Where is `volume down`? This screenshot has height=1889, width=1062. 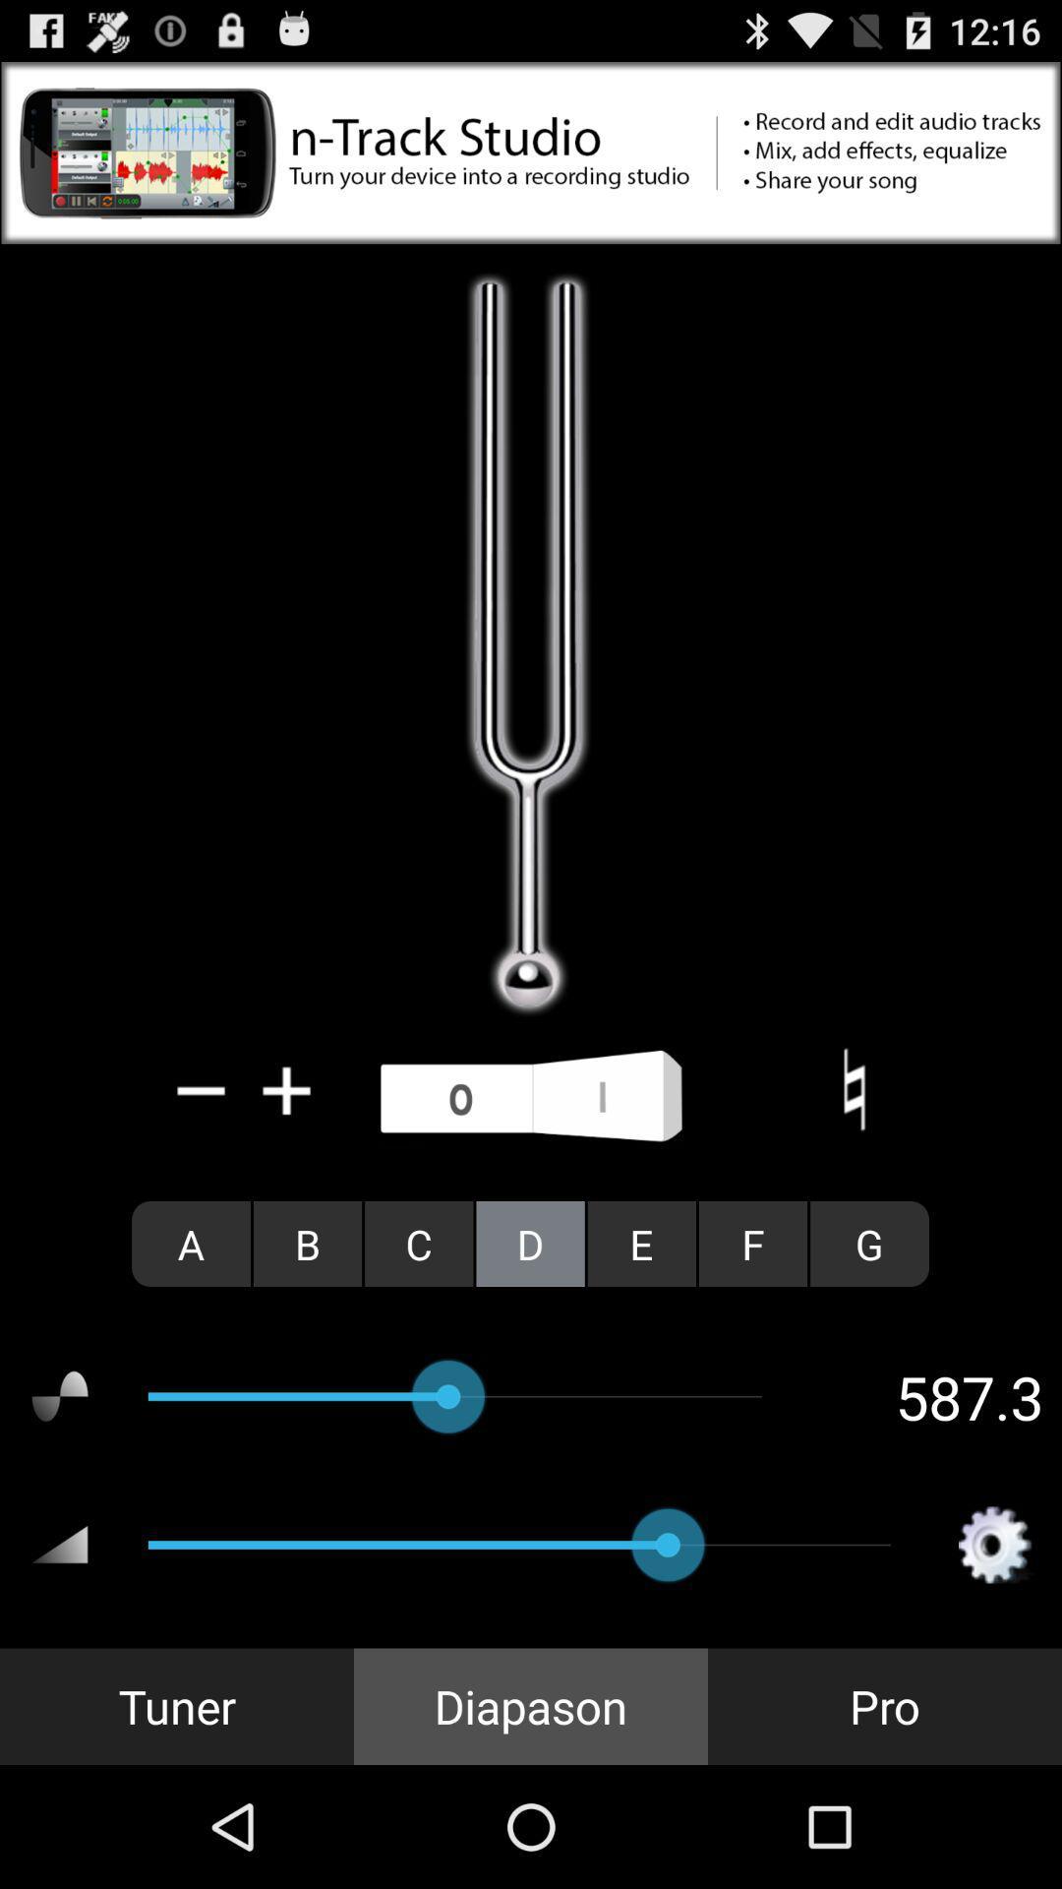
volume down is located at coordinates (202, 1089).